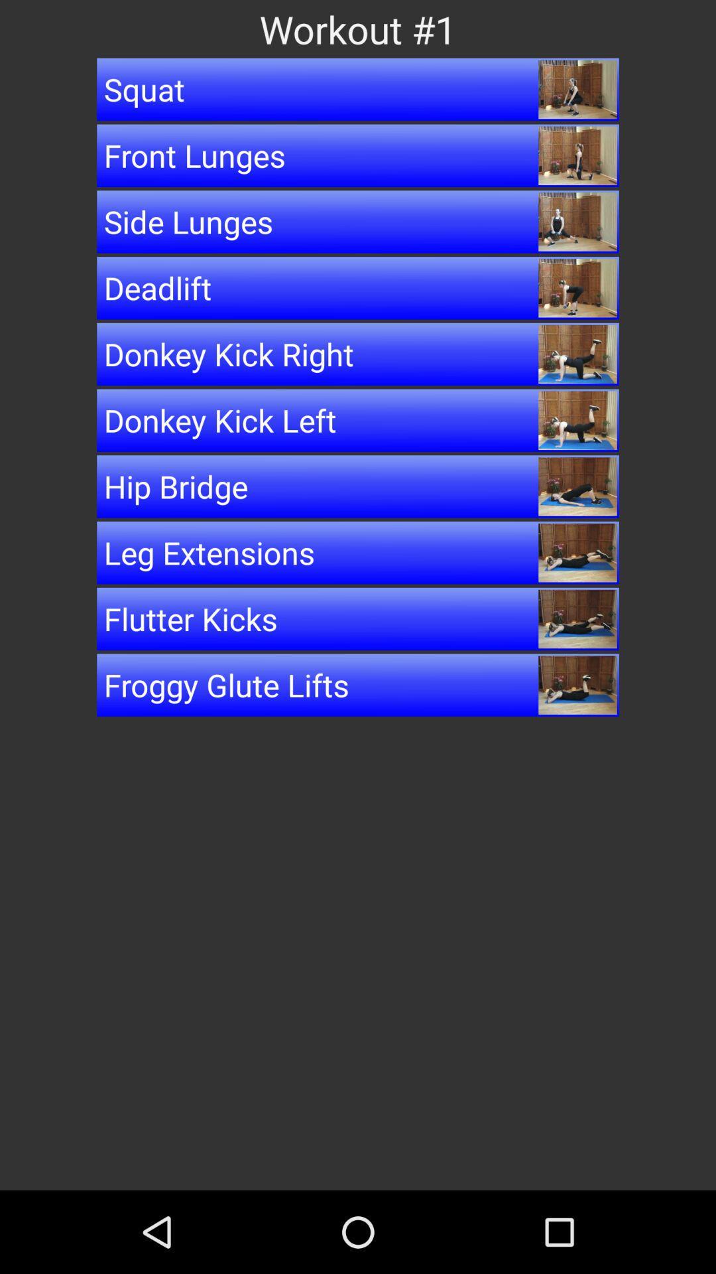  Describe the element at coordinates (358, 618) in the screenshot. I see `flutter kicks icon` at that location.